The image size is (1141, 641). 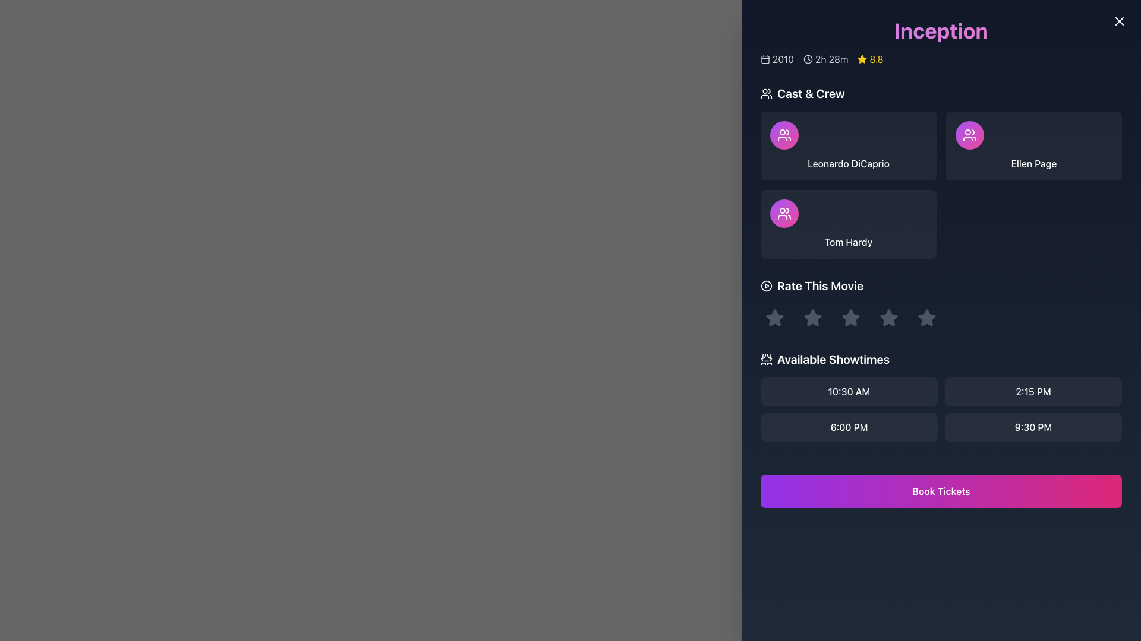 What do you see at coordinates (888, 317) in the screenshot?
I see `the fourth rating star under the 'Rate This Movie' label` at bounding box center [888, 317].